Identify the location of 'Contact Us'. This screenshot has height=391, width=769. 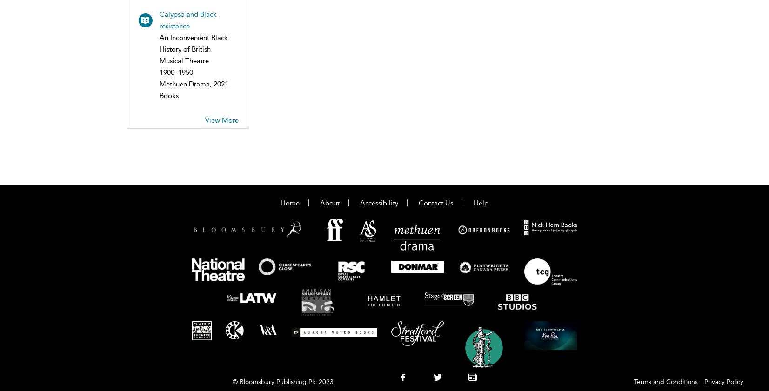
(419, 202).